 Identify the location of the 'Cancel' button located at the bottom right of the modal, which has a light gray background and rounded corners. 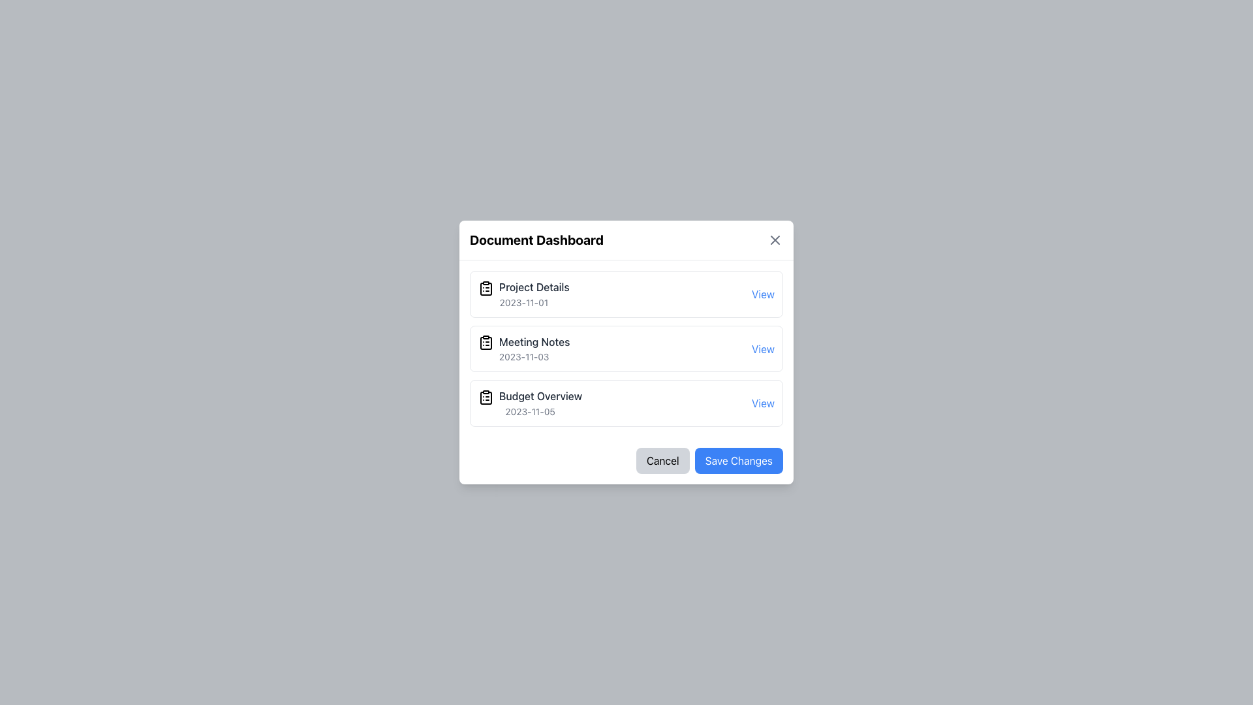
(662, 460).